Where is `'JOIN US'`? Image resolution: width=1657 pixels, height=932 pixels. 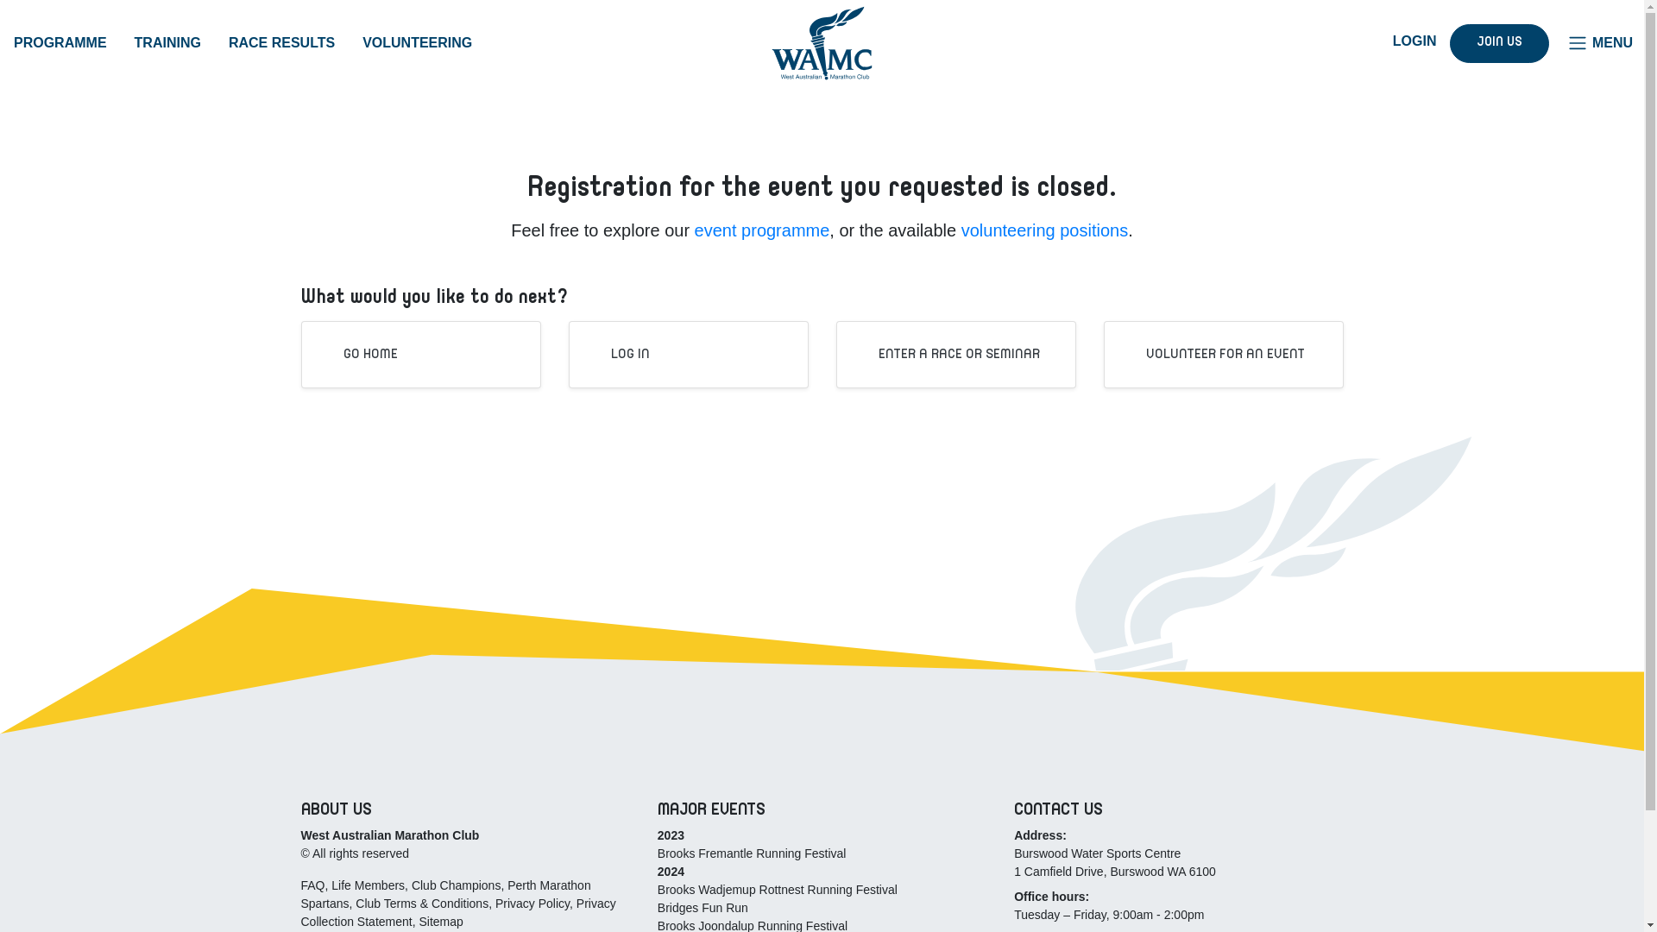
'JOIN US' is located at coordinates (1498, 42).